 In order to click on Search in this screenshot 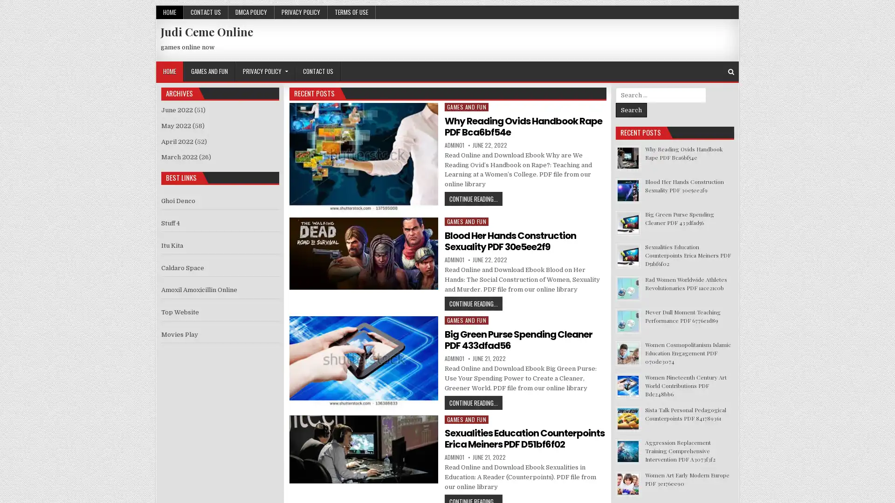, I will do `click(631, 109)`.